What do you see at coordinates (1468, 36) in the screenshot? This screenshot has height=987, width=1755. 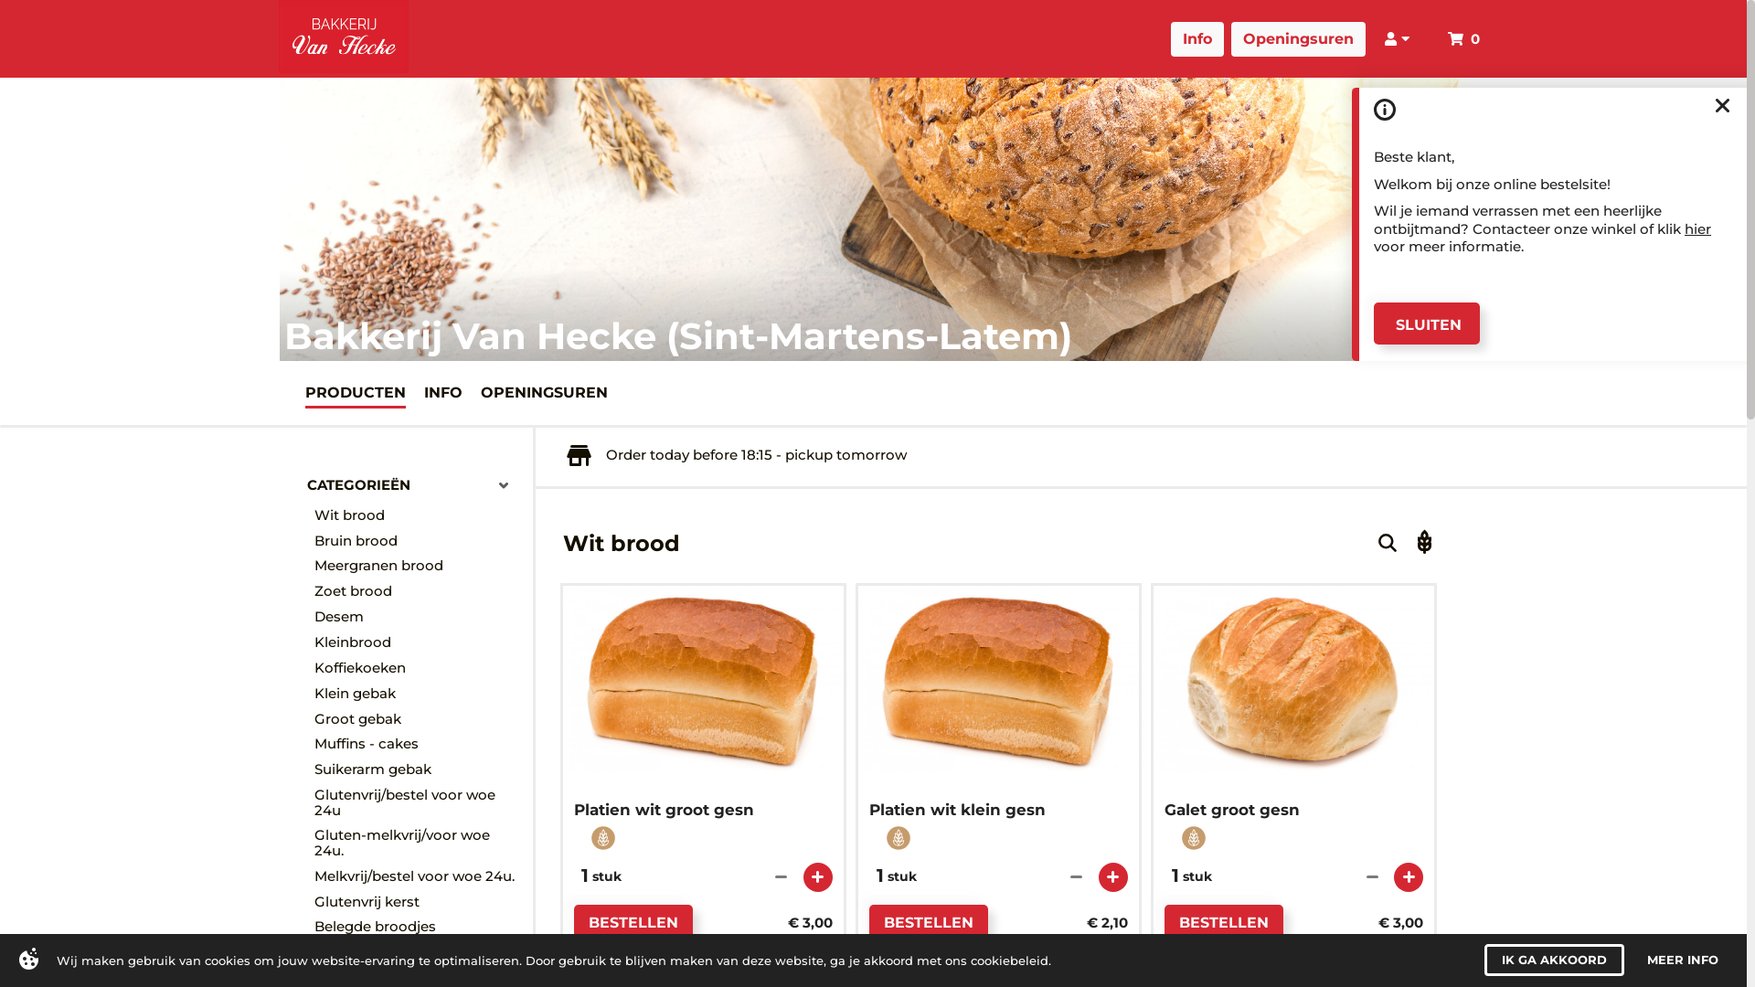 I see `'0'` at bounding box center [1468, 36].